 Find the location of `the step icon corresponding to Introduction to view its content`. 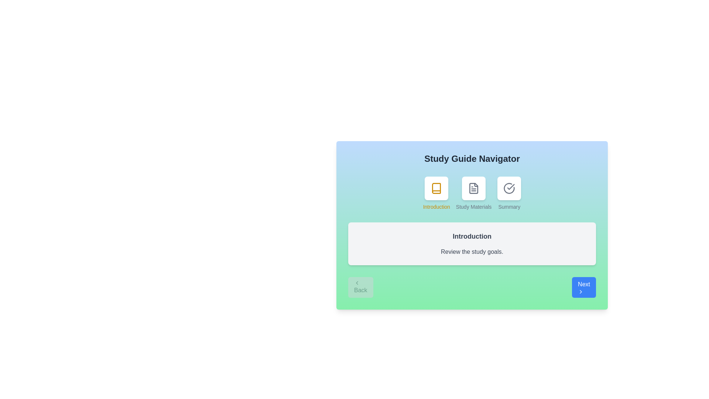

the step icon corresponding to Introduction to view its content is located at coordinates (436, 193).